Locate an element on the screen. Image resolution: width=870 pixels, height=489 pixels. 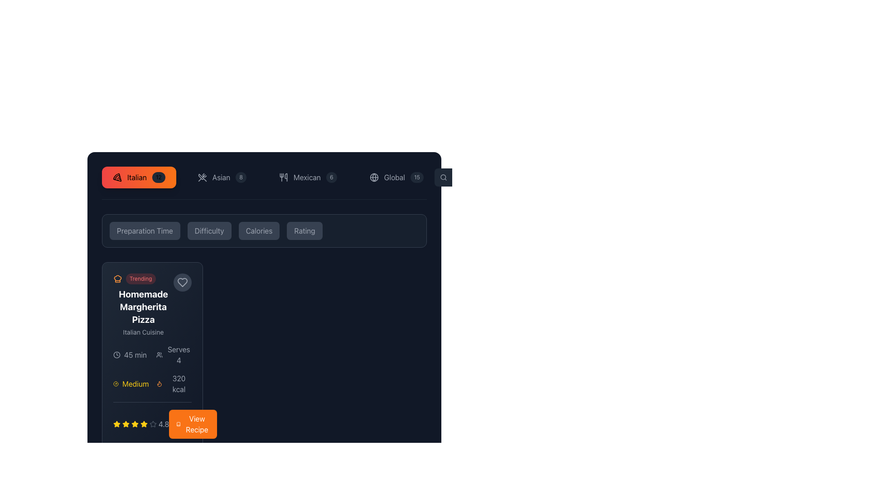
the informational text label styled as a badge indicating the number of items associated with the 'Mexican' category, located immediately to the right of the 'Mexican' text in the navigation bar is located at coordinates (331, 177).